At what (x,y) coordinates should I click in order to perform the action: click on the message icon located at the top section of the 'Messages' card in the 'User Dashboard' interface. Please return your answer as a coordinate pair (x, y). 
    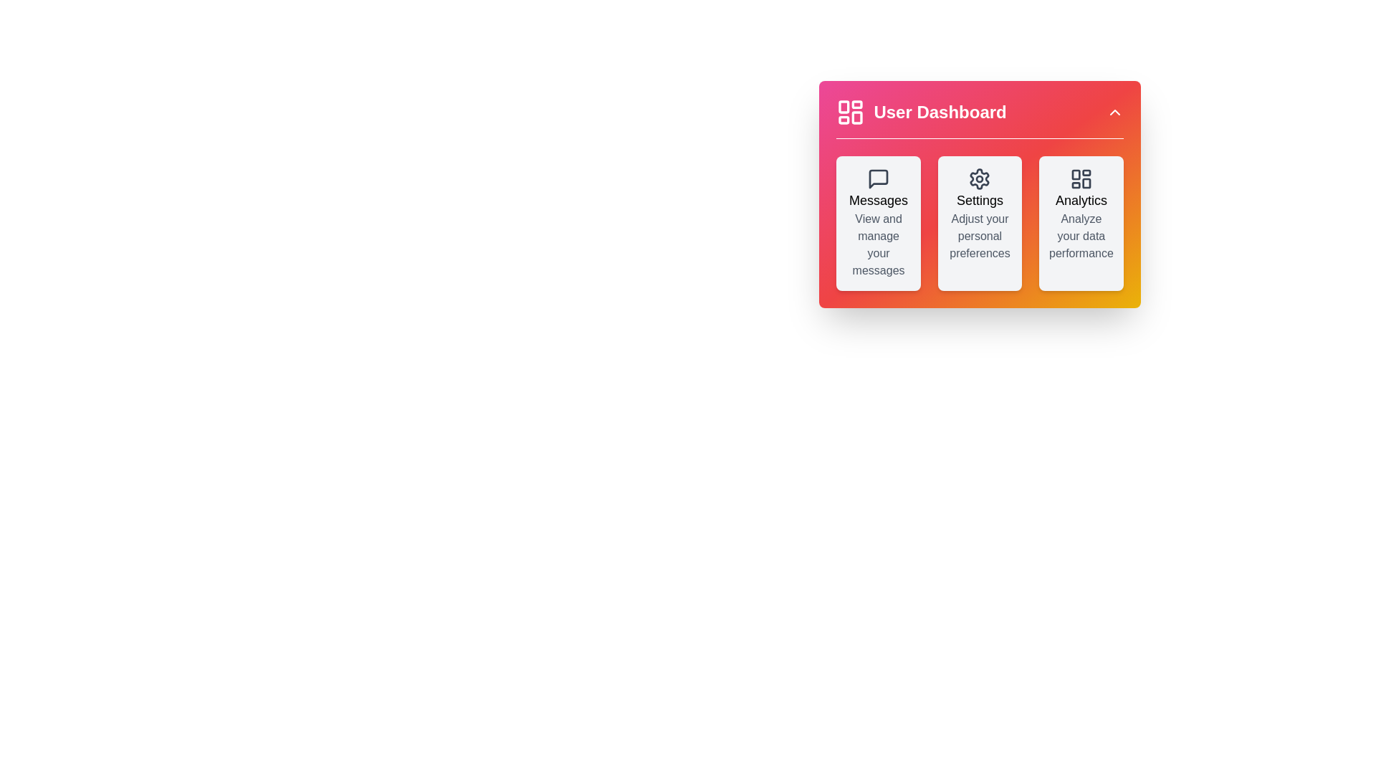
    Looking at the image, I should click on (878, 178).